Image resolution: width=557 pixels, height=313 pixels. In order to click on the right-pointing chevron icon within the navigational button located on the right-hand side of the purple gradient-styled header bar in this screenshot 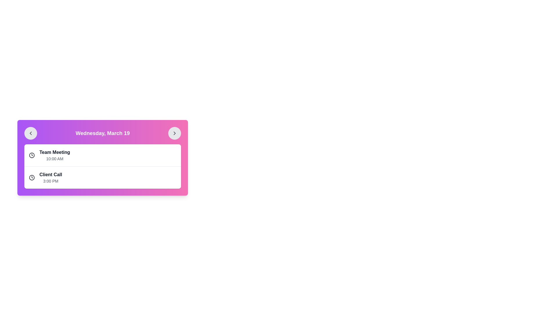, I will do `click(174, 133)`.